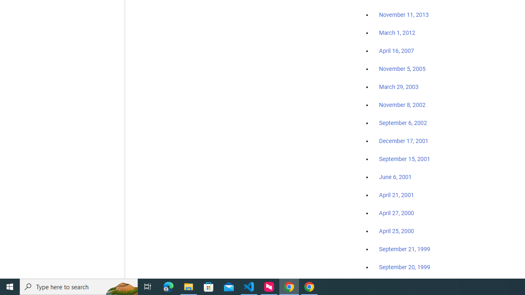 This screenshot has height=295, width=525. What do you see at coordinates (404, 140) in the screenshot?
I see `'December 17, 2001'` at bounding box center [404, 140].